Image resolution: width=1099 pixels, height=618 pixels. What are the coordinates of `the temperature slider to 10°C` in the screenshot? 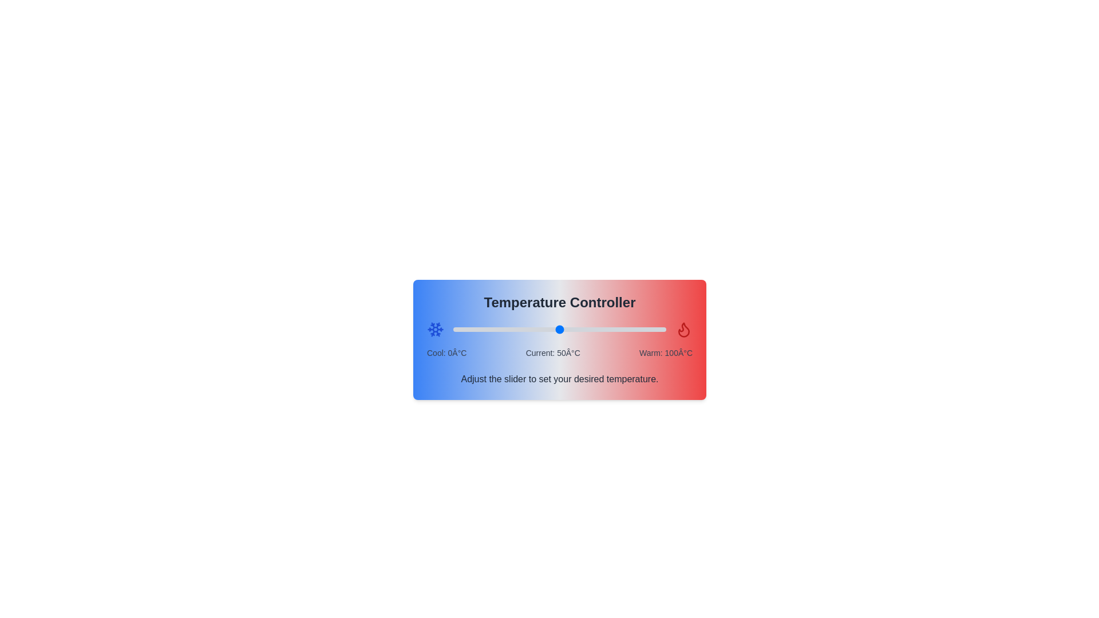 It's located at (475, 329).